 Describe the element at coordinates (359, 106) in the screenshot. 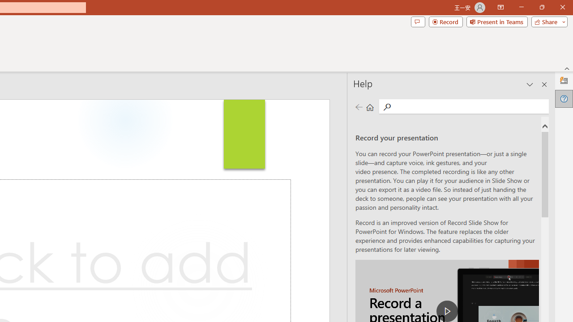

I see `'Previous page'` at that location.